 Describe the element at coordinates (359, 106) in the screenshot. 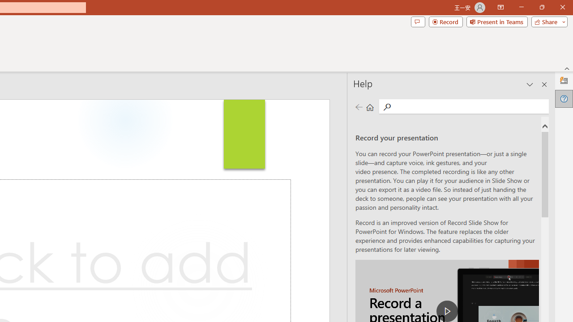

I see `'Previous page'` at that location.